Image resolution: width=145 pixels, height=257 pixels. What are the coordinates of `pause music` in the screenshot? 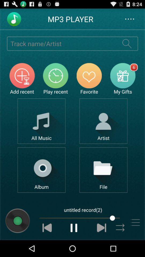 It's located at (74, 227).